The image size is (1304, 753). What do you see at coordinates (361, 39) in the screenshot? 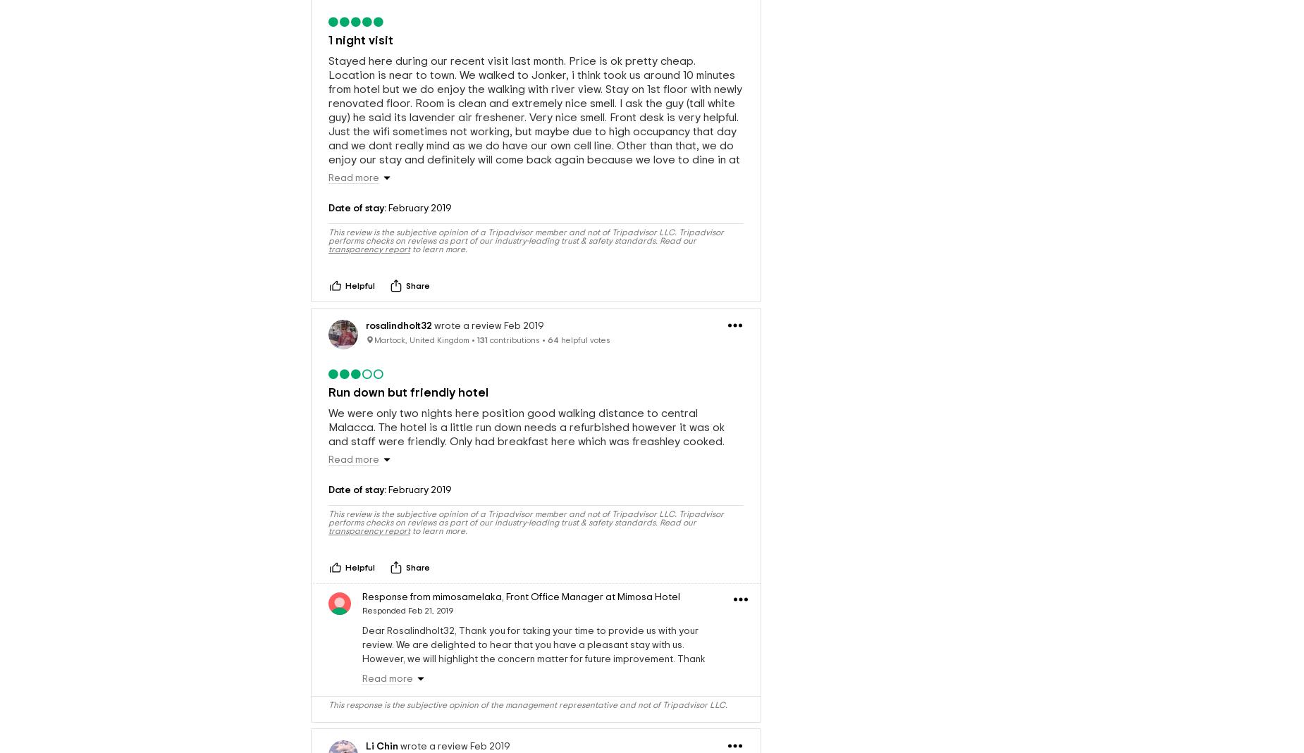
I see `'1 night visit'` at bounding box center [361, 39].